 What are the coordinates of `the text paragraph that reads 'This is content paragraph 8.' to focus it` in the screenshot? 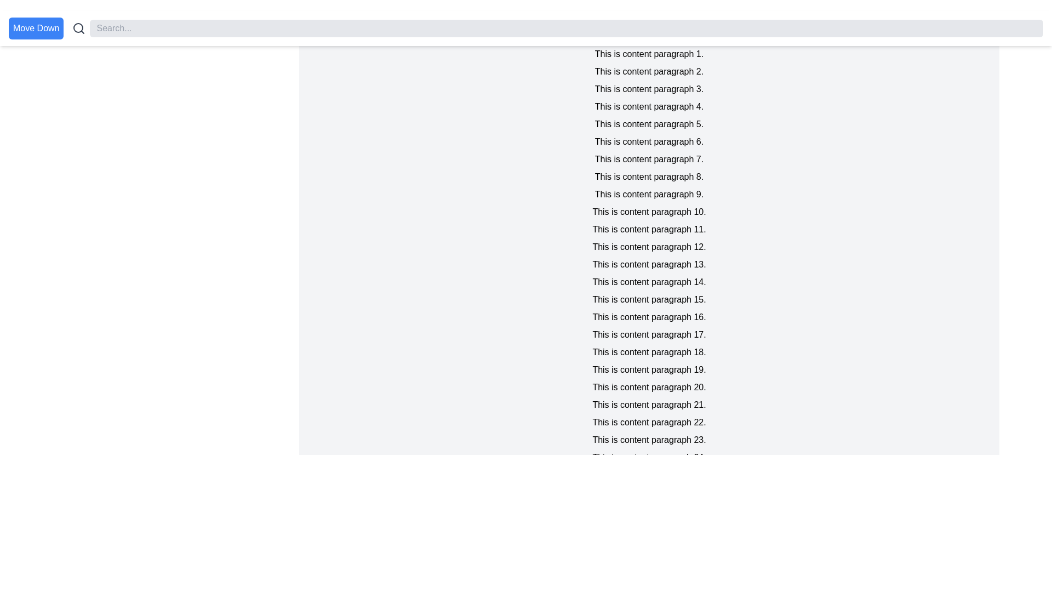 It's located at (649, 177).